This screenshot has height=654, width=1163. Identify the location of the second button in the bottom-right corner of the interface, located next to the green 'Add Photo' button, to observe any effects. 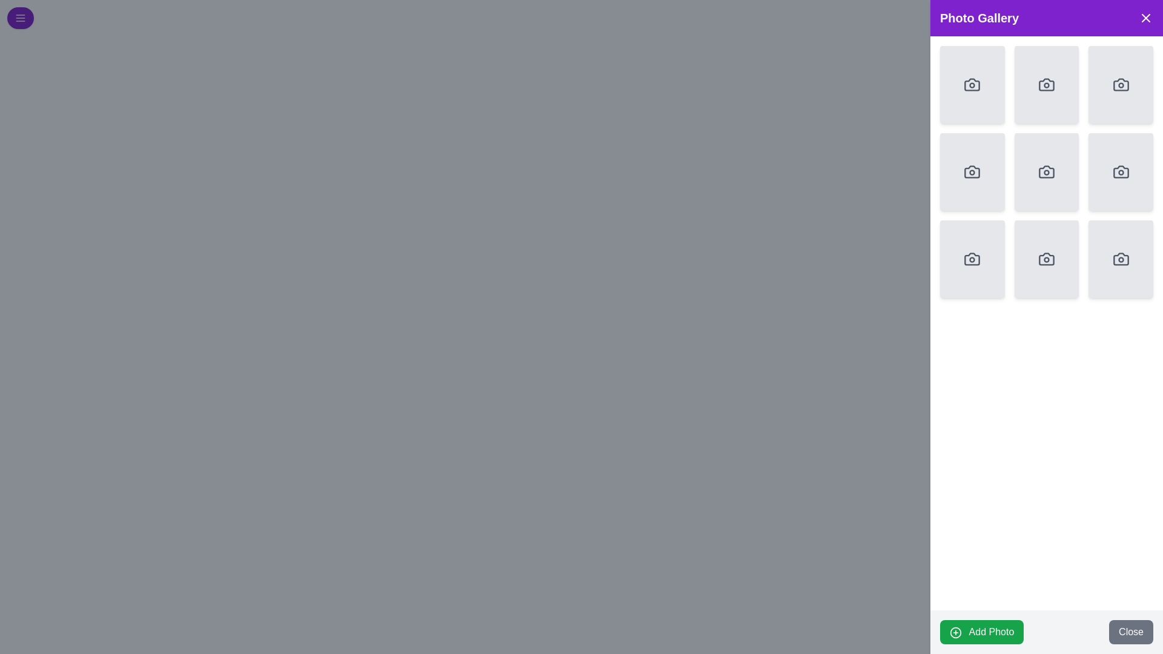
(1130, 632).